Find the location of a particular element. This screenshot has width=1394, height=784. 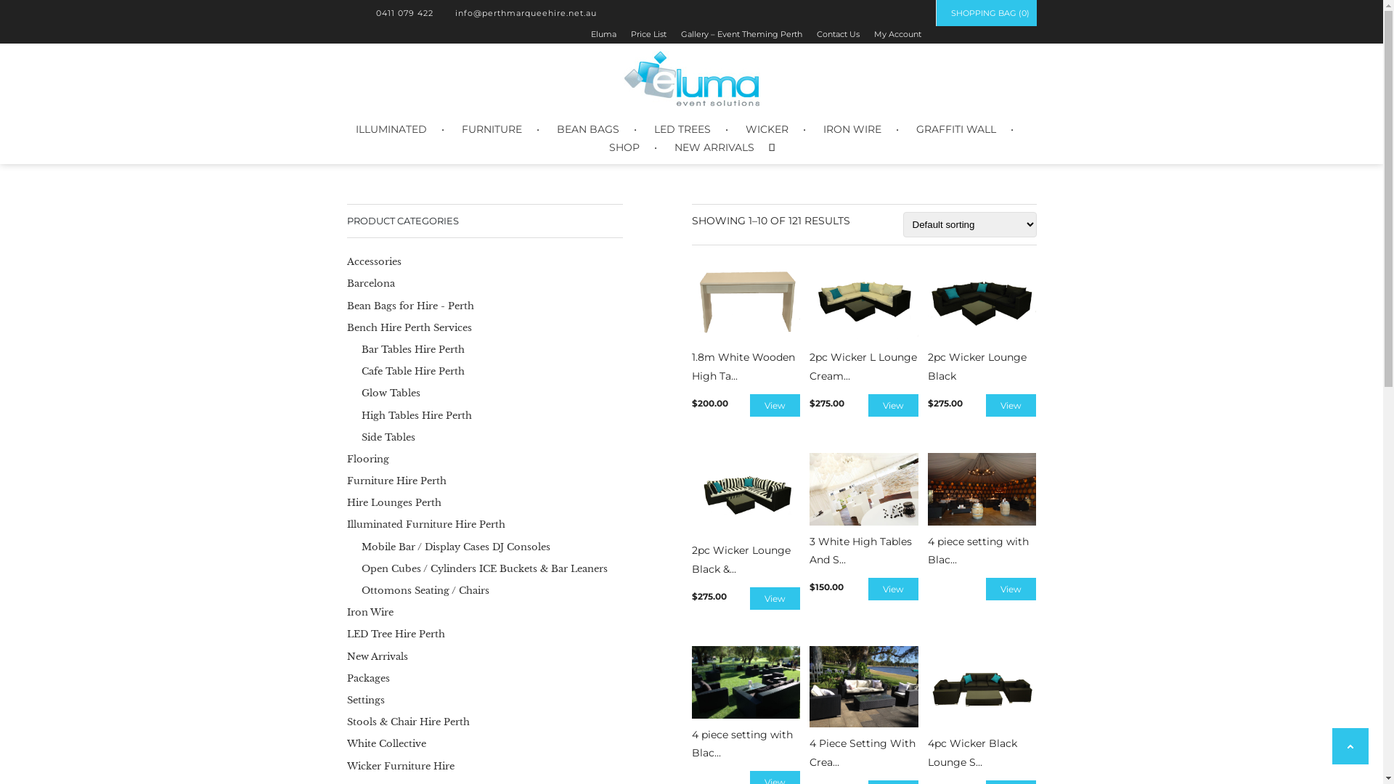

'Settings' is located at coordinates (366, 699).